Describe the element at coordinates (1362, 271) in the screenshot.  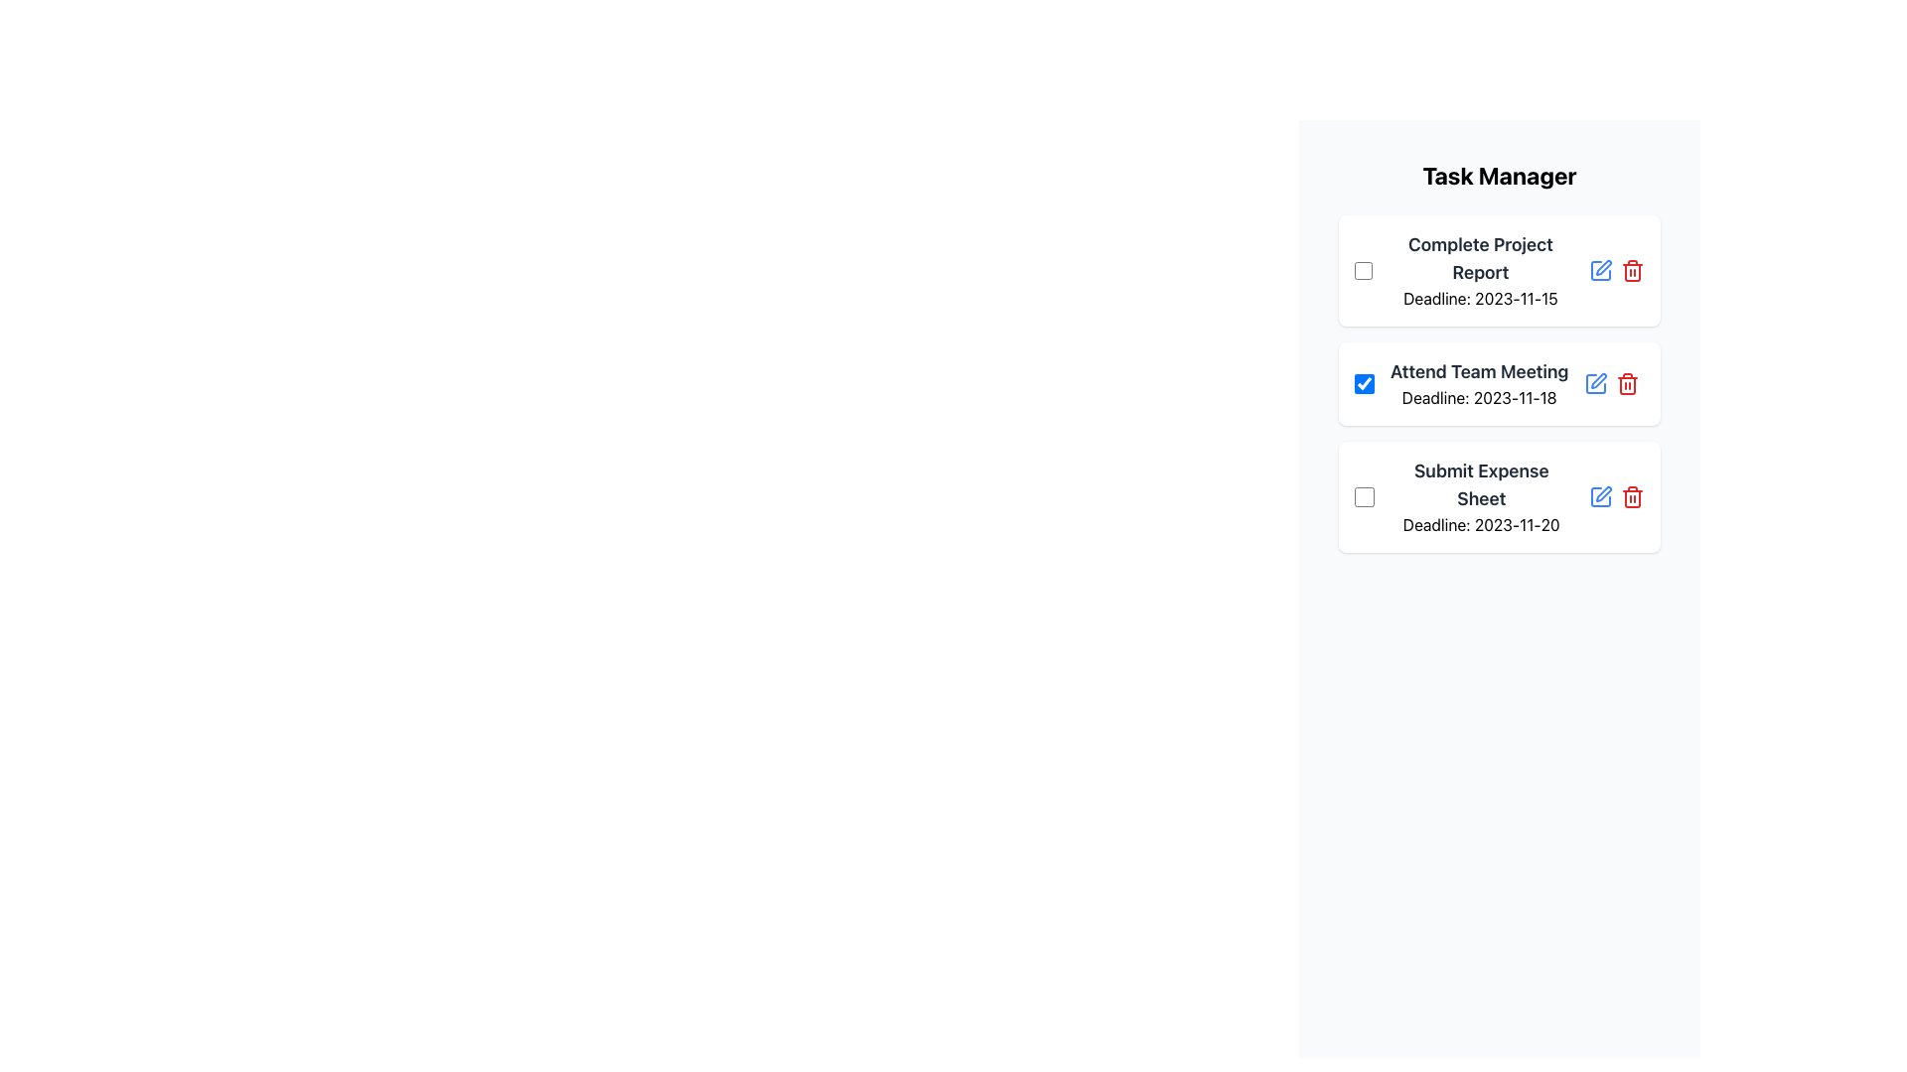
I see `the checkbox associated with the task 'Complete Project Report' for keyboard navigation by moving to its center position` at that location.